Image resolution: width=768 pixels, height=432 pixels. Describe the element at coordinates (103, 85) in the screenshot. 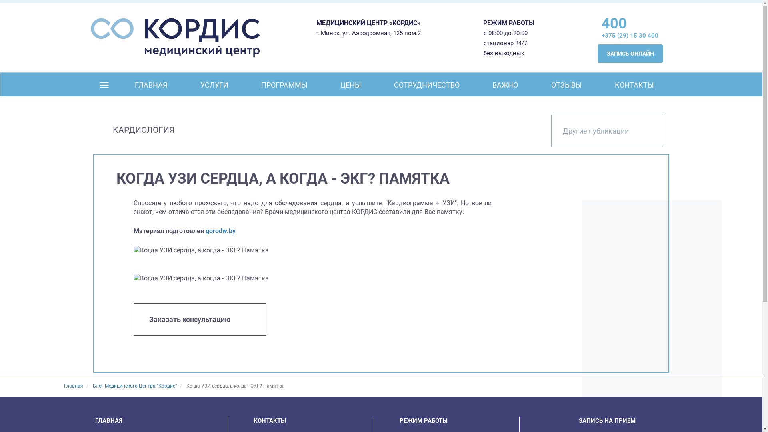

I see `'     '` at that location.